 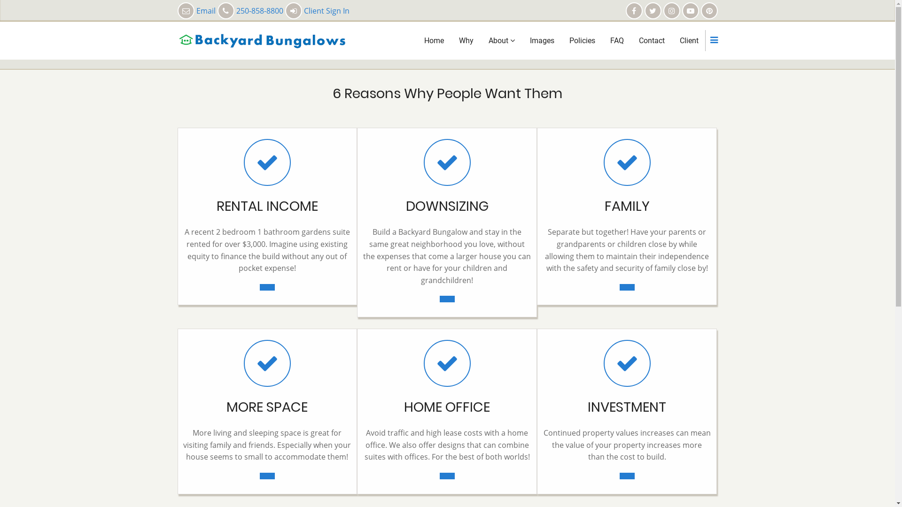 I want to click on 'Skip to main content', so click(x=0, y=0).